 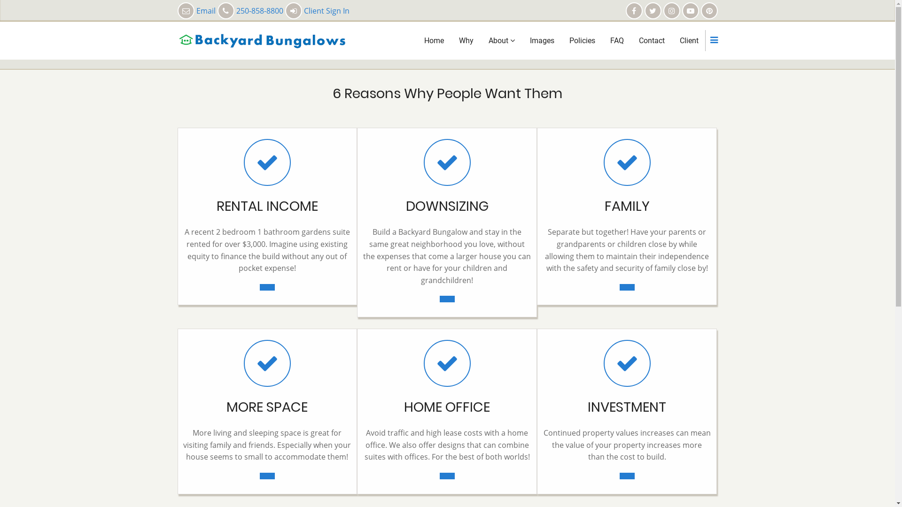 I want to click on 'Skip to main content', so click(x=0, y=0).